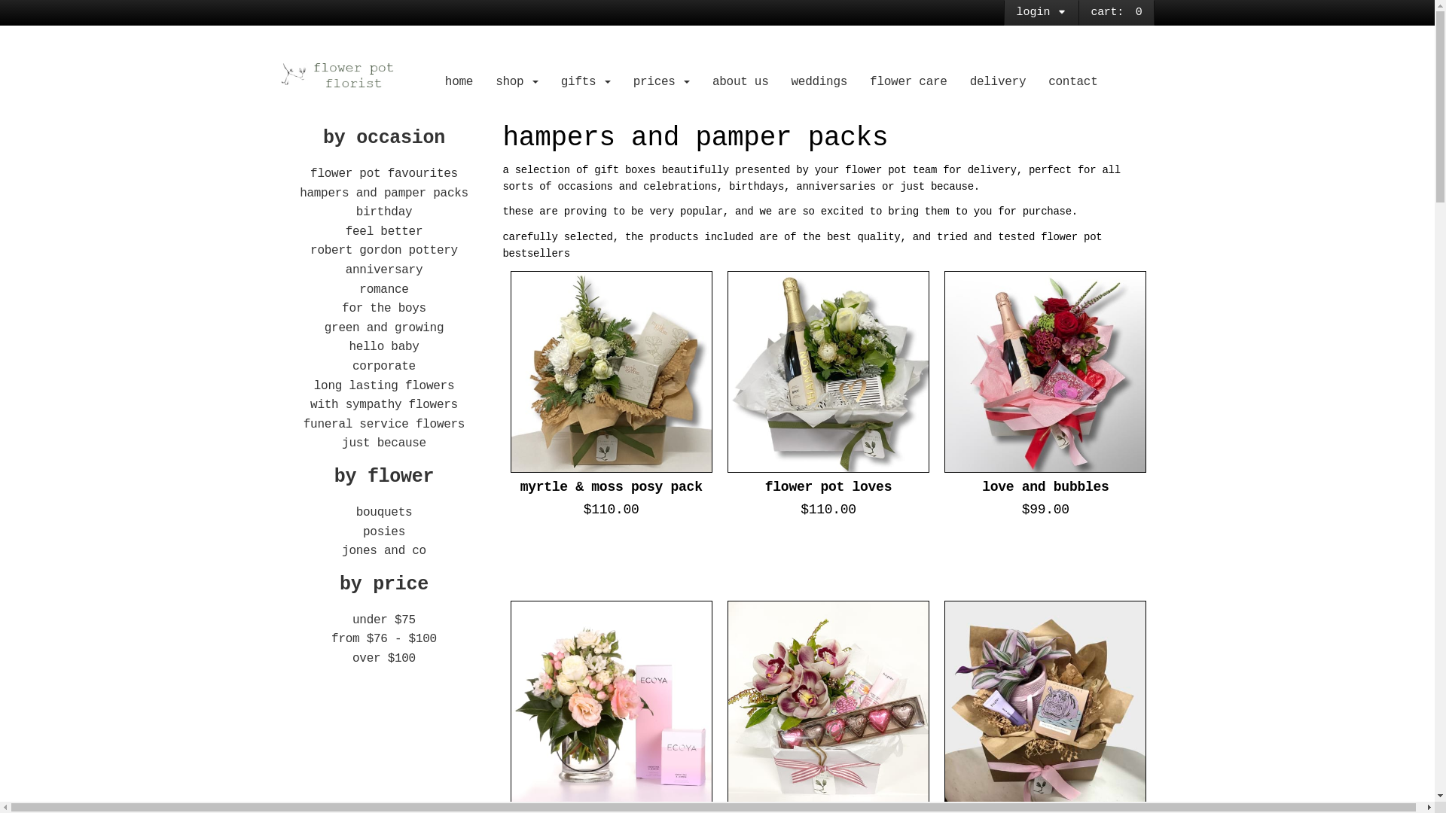 The image size is (1446, 813). I want to click on 'login', so click(1040, 12).